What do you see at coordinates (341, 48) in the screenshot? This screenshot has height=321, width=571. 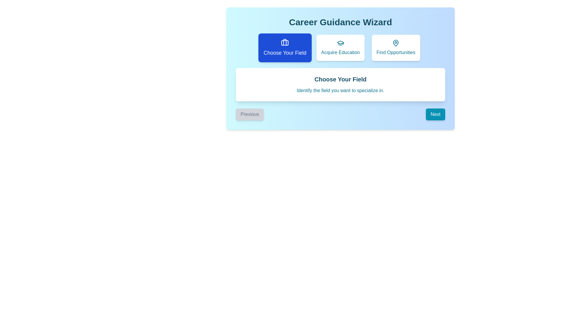 I see `the second Button-like UI card that represents an option or step in an education acquisition process` at bounding box center [341, 48].